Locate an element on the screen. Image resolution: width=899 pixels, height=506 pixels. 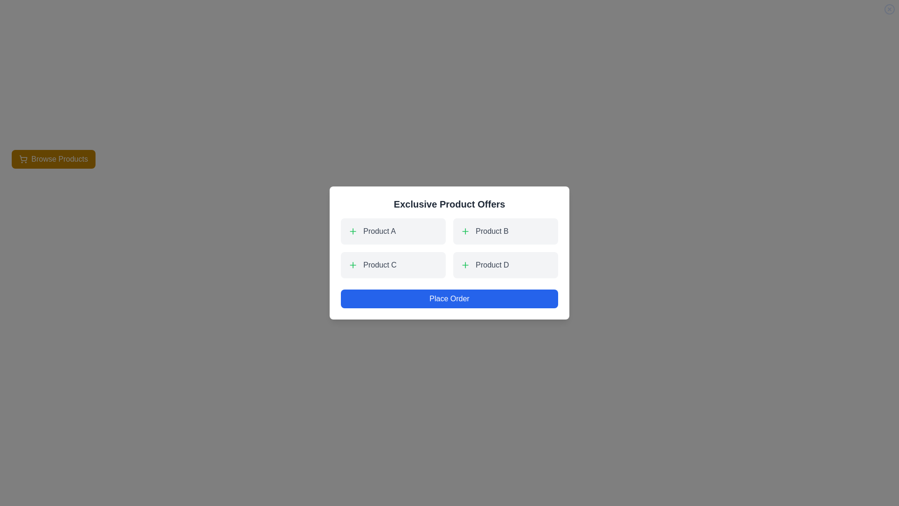
the blue rectangular button labeled 'Place Order' to change its background color to a darker blue is located at coordinates (449, 298).